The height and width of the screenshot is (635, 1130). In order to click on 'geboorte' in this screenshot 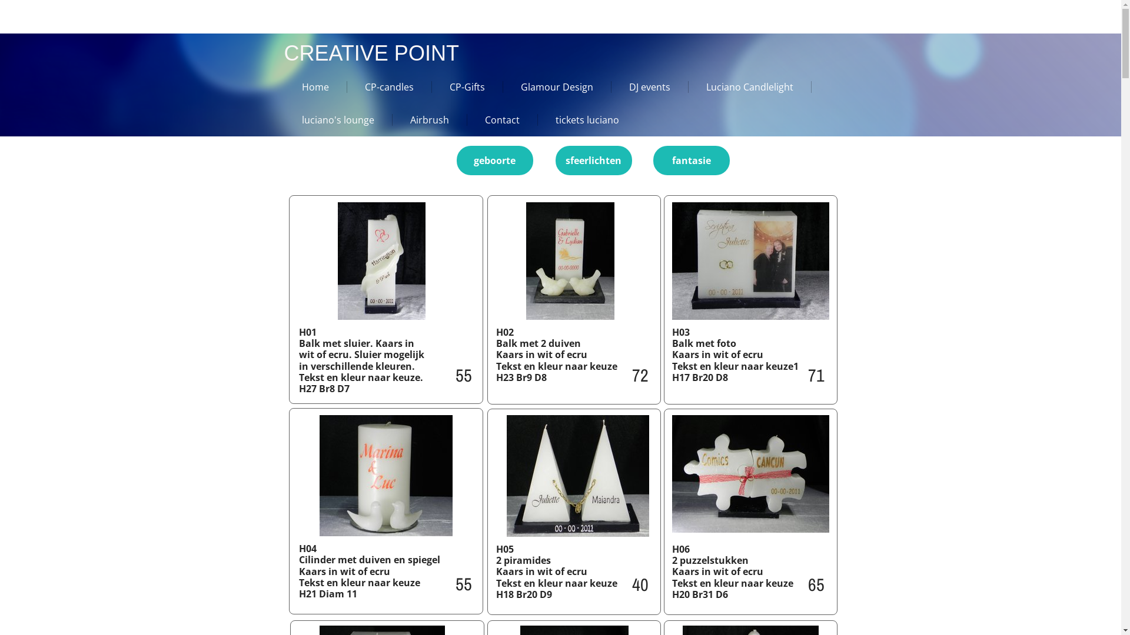, I will do `click(494, 161)`.